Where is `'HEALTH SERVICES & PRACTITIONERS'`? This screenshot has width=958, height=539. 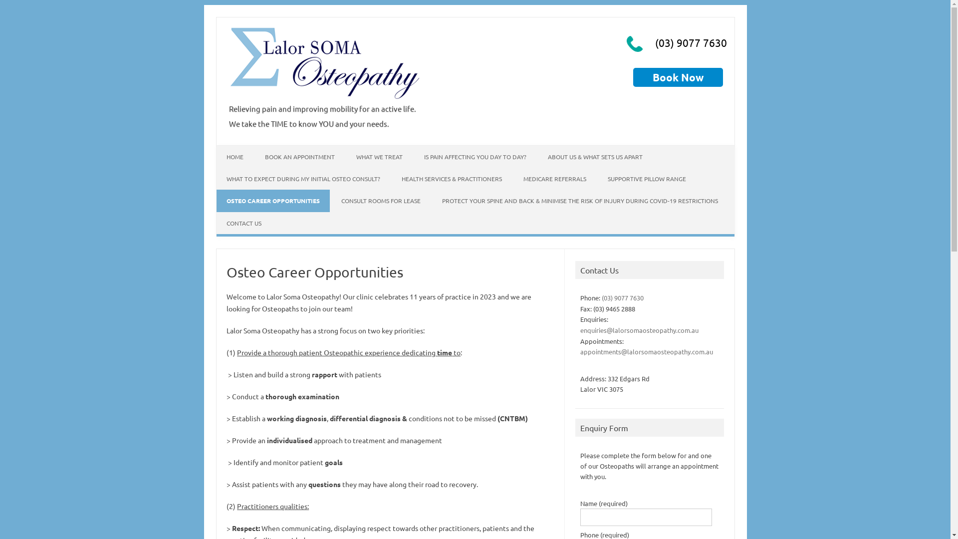
'HEALTH SERVICES & PRACTITIONERS' is located at coordinates (390, 178).